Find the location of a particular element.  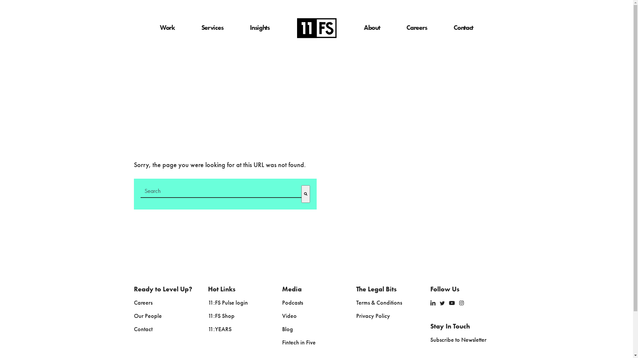

'Blog' is located at coordinates (282, 329).